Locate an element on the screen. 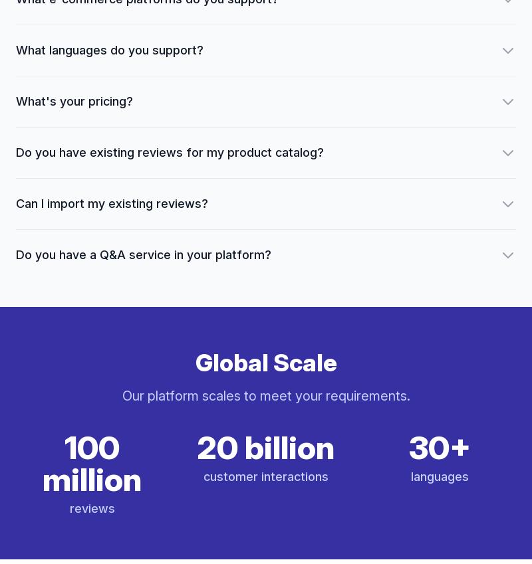 The image size is (532, 564). 'What's your pricing?' is located at coordinates (16, 101).